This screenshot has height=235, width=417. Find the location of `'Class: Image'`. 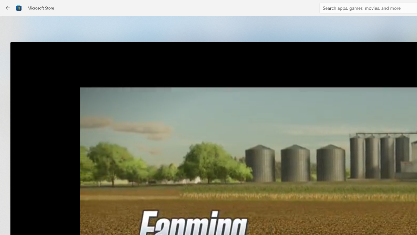

'Class: Image' is located at coordinates (19, 8).